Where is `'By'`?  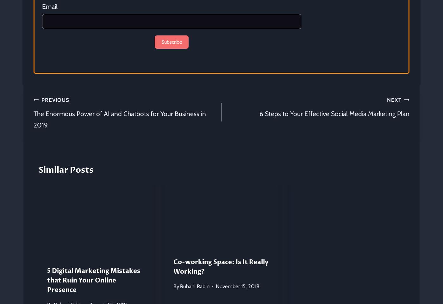 'By' is located at coordinates (176, 286).